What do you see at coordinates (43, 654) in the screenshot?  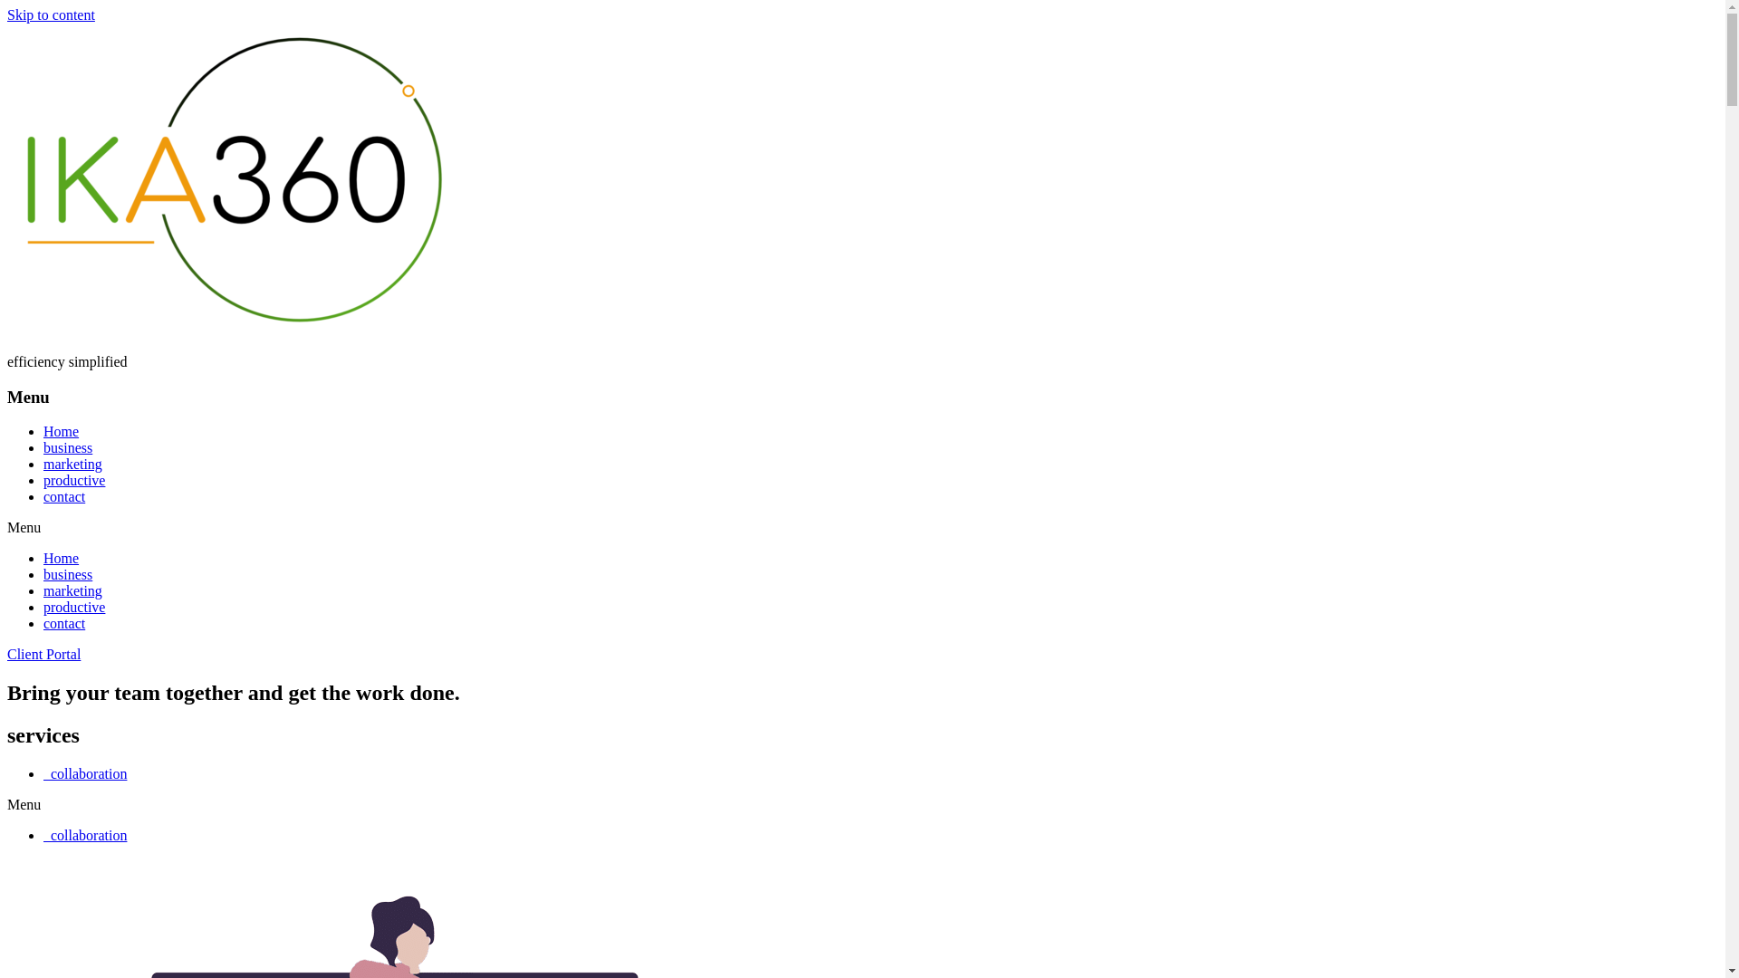 I see `'Client Portal'` at bounding box center [43, 654].